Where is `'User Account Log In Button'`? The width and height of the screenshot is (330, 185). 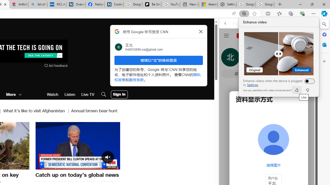 'User Account Log In Button' is located at coordinates (119, 94).